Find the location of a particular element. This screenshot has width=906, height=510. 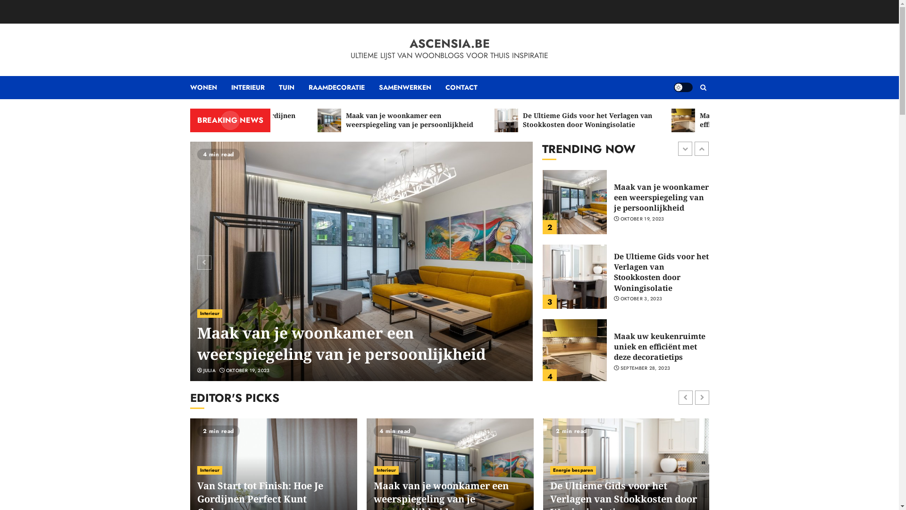

'NOVEMBER 8, 2023' is located at coordinates (249, 370).